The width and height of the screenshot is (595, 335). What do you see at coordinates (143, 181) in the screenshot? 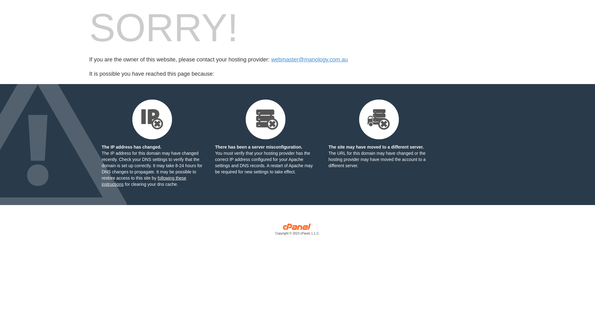
I see `'following these instructions'` at bounding box center [143, 181].